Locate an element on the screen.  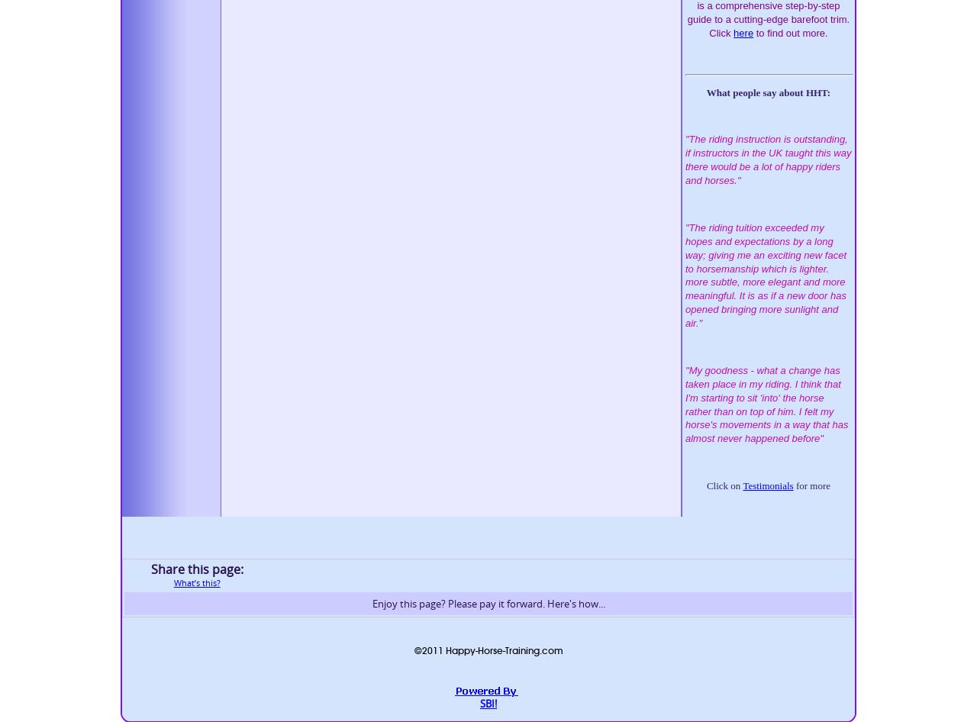
'"The riding tuition exceeded my hopes and expectations
by a long way; giving me an exciting new facet to horsemanship which is
lighter. more subtle, more elegant and more meaningful. It is as if a
new door has opened bringing more sunlight and air."' is located at coordinates (766, 275).